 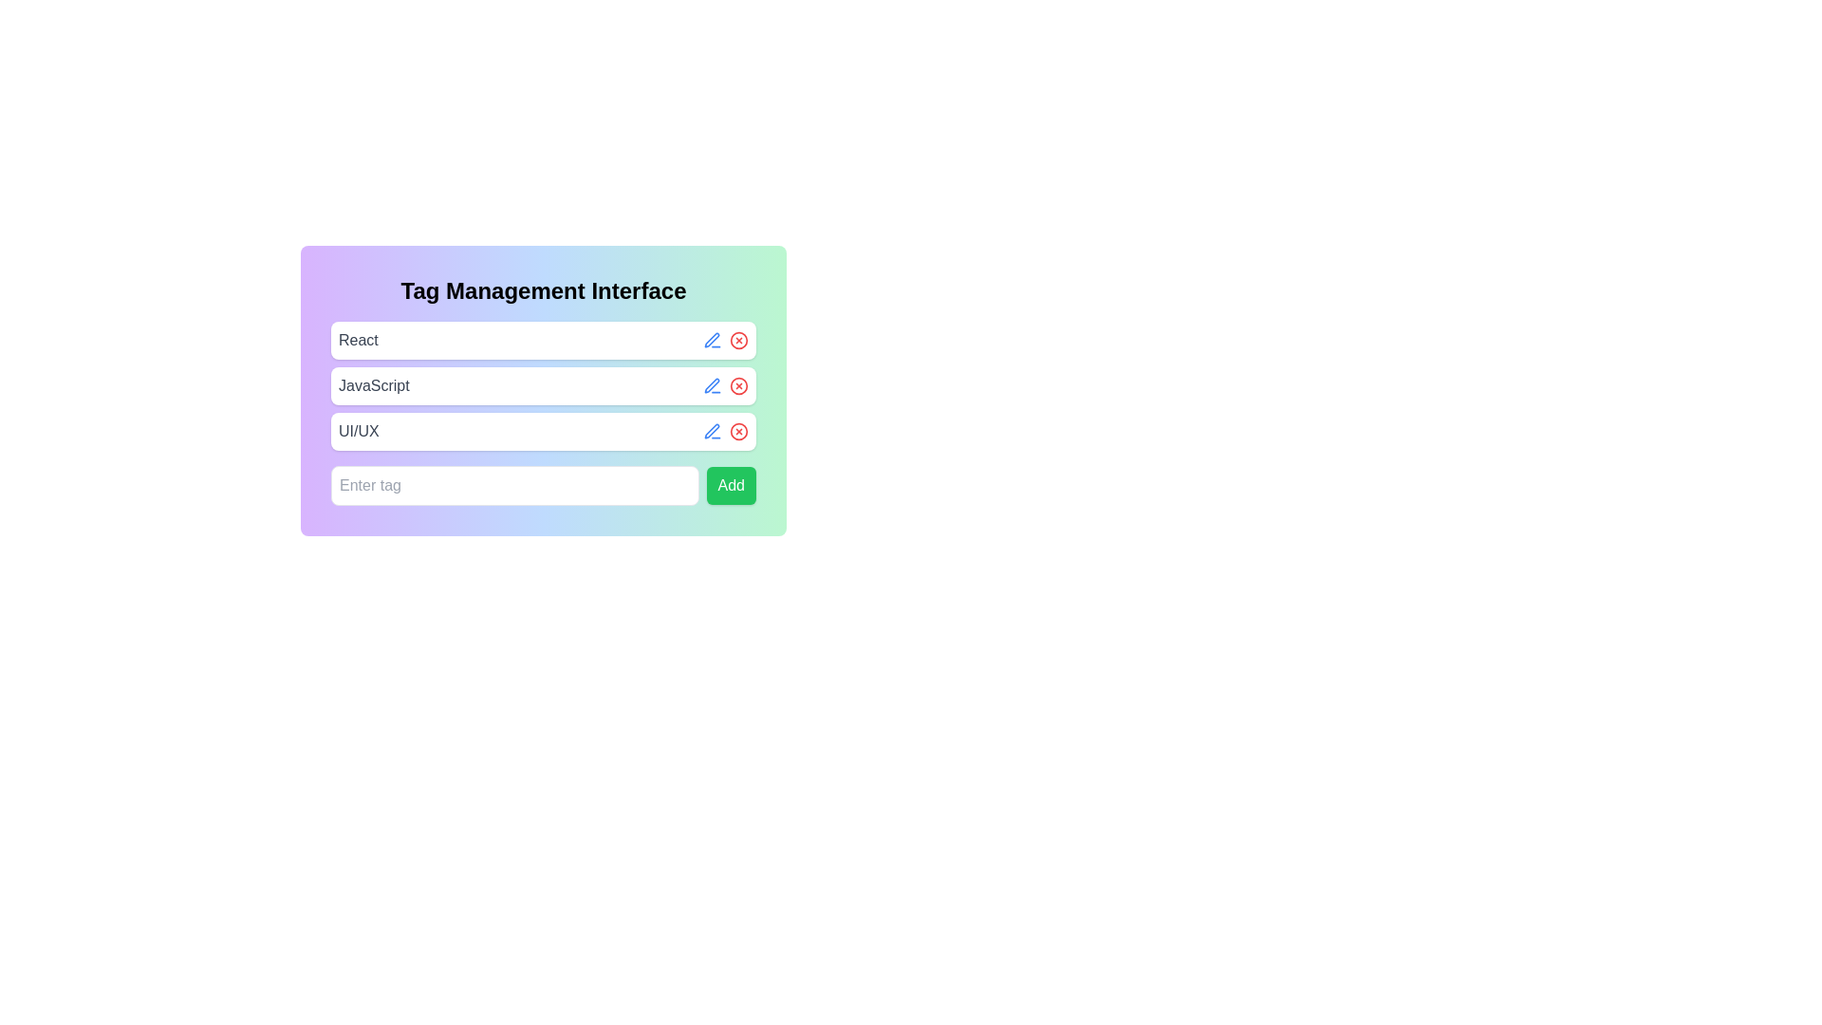 I want to click on the gray 'JavaScript' text label, so click(x=374, y=385).